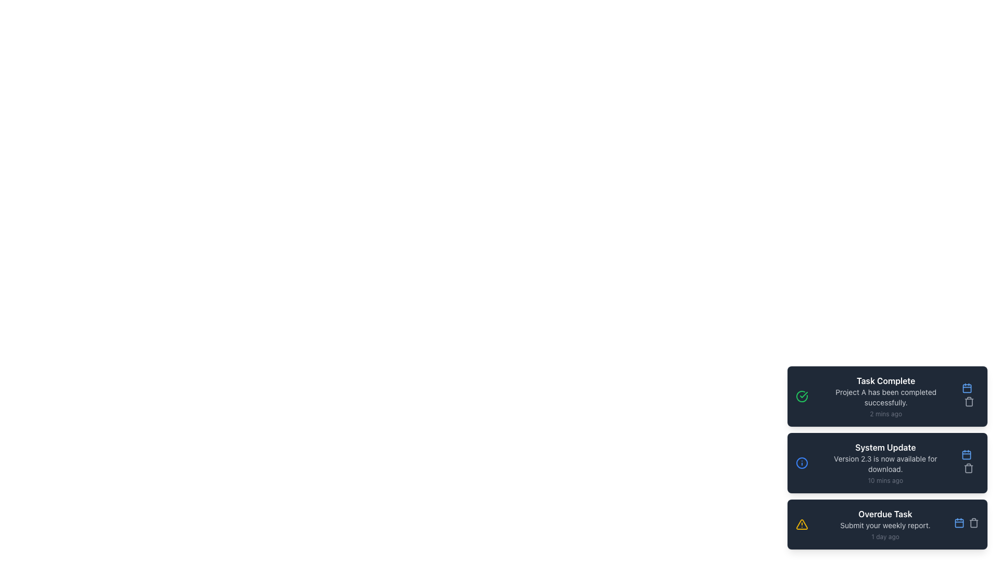 This screenshot has width=1000, height=562. What do you see at coordinates (884, 526) in the screenshot?
I see `the text label that provides additional details about the 'Overdue Task', which is centrally located beneath the title and above the timestamp in the third notification card` at bounding box center [884, 526].